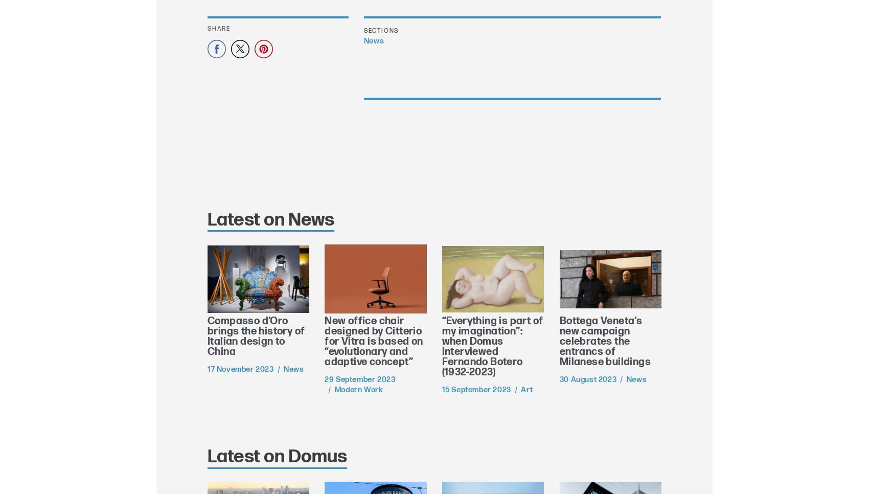  Describe the element at coordinates (380, 31) in the screenshot. I see `'Sections'` at that location.